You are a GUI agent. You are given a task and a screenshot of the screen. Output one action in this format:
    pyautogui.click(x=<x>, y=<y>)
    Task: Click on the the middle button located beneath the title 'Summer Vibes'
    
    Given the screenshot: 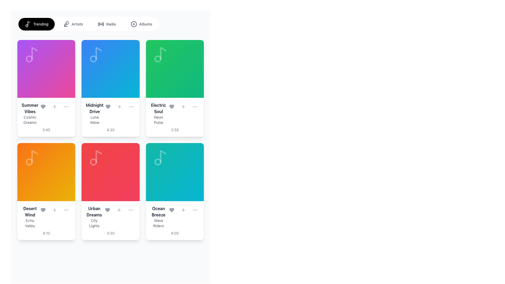 What is the action you would take?
    pyautogui.click(x=55, y=106)
    